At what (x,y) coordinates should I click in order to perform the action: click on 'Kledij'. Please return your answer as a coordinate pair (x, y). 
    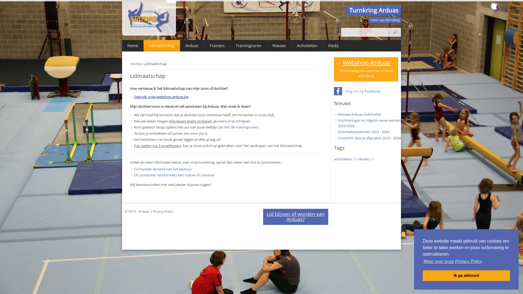
    Looking at the image, I should click on (333, 45).